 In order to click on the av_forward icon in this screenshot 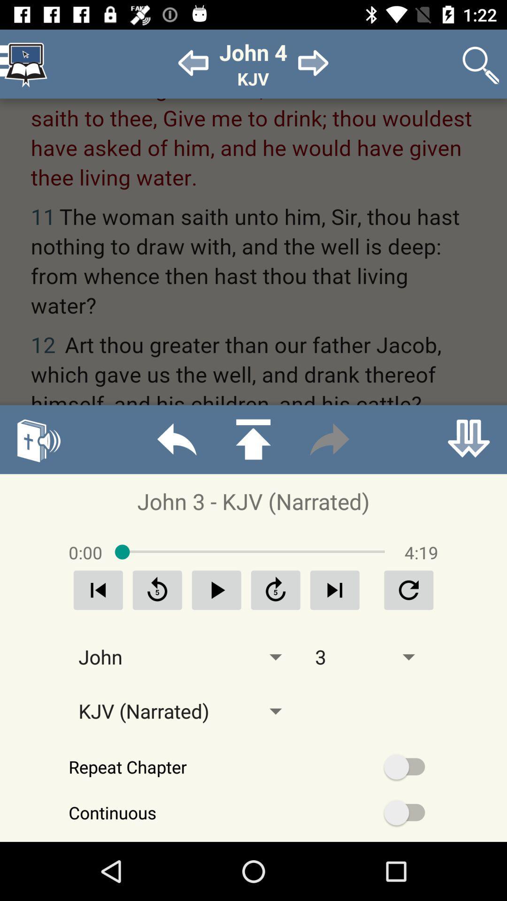, I will do `click(275, 589)`.